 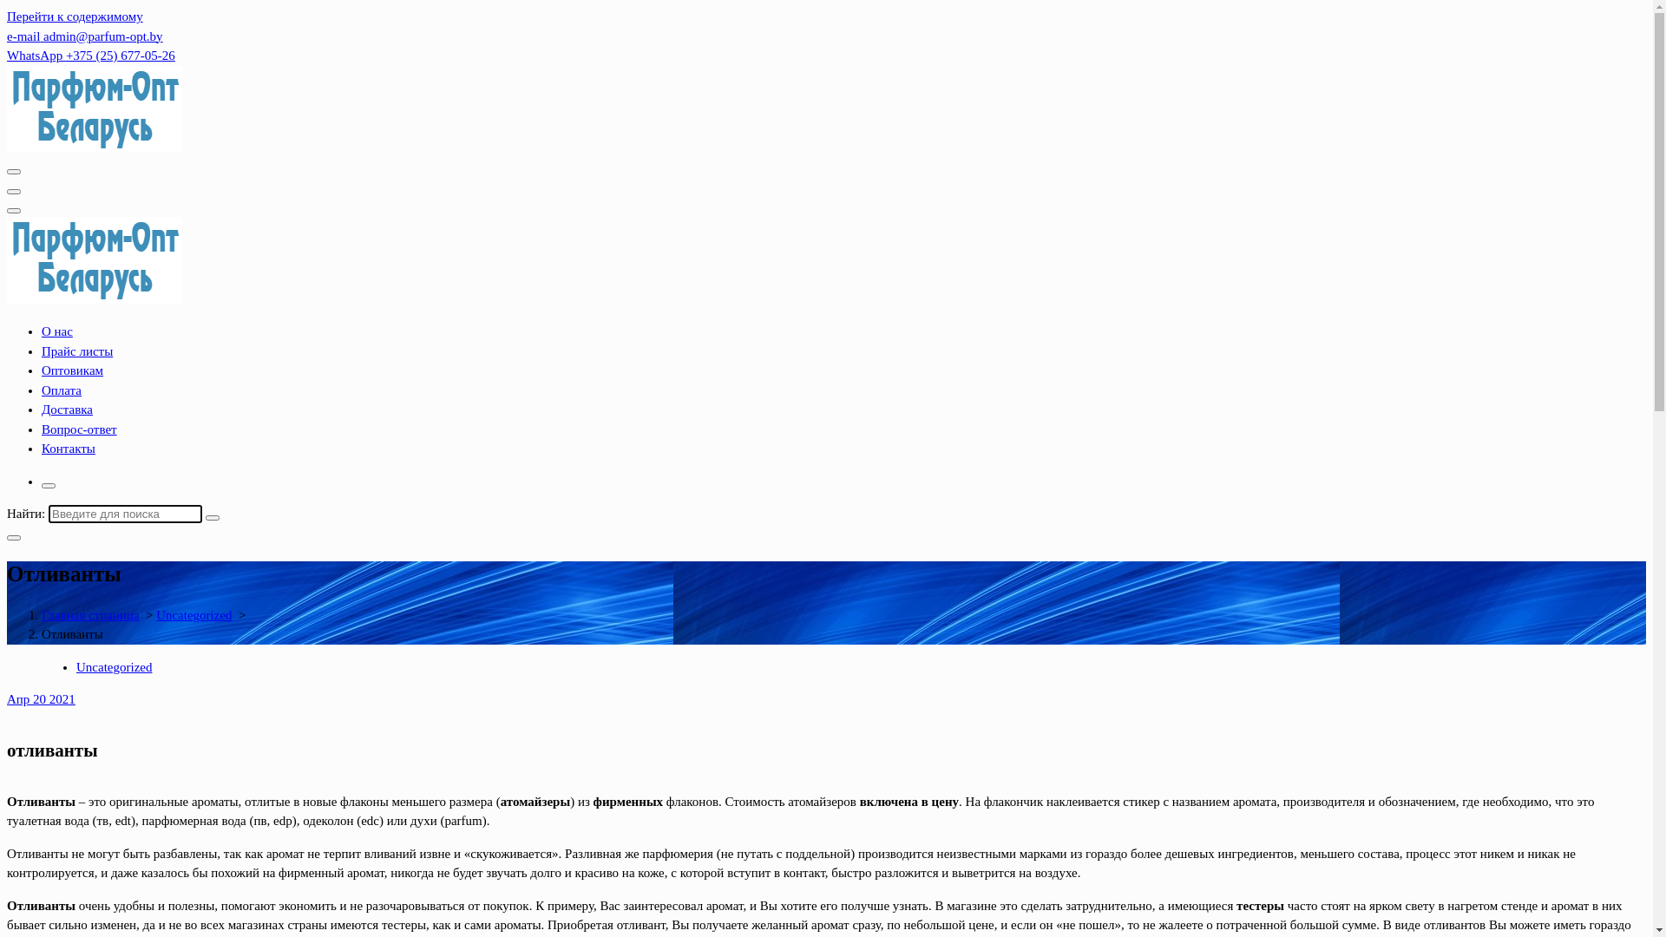 I want to click on 'Uncategorized', so click(x=113, y=665).